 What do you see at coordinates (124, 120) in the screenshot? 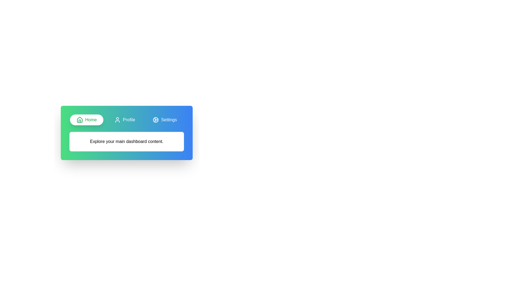
I see `the Profile tab to activate it` at bounding box center [124, 120].